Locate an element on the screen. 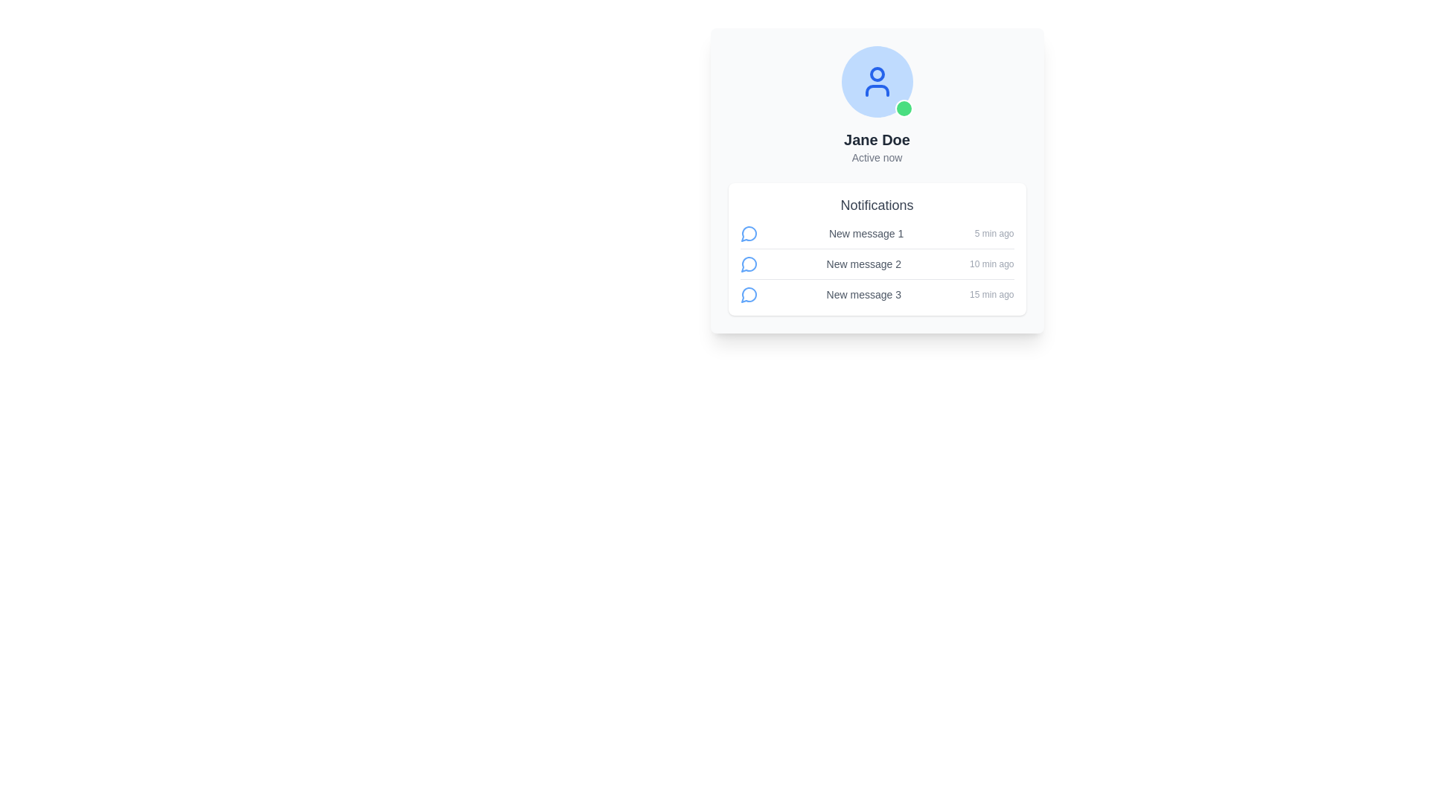  the user profile icon located at the center of the notification panel, which serves as a visual representation of the user's identity is located at coordinates (877, 82).